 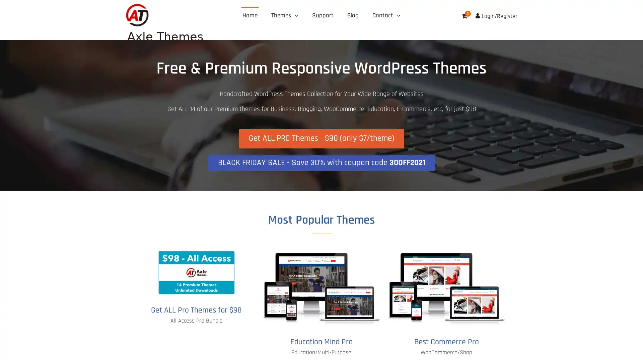 I want to click on Get ALL PRO Themes - $98 (only $7/theme), so click(x=321, y=138).